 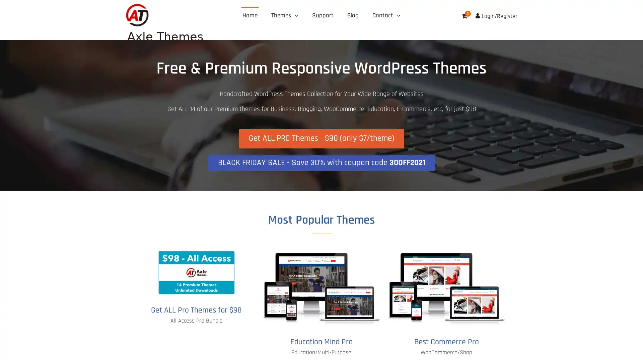 I want to click on Get ALL PRO Themes - $98 (only $7/theme), so click(x=321, y=138).